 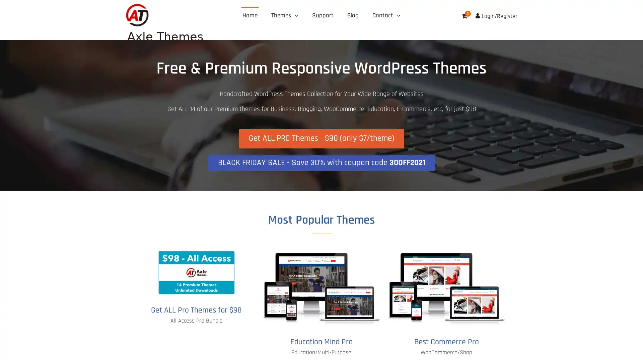 I want to click on Get ALL PRO Themes - $98 (only $7/theme), so click(x=321, y=138).